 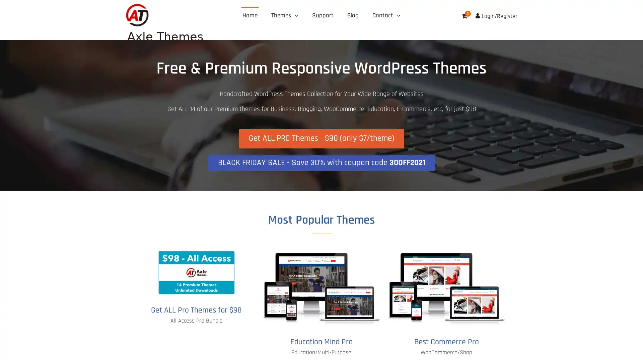 I want to click on Get ALL PRO Themes - $98 (only $7/theme), so click(x=321, y=138).